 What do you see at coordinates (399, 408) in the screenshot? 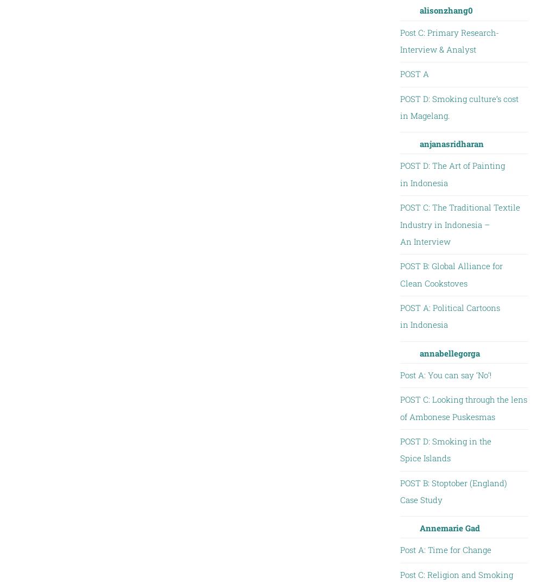
I see `'POST C: Looking through the lens of Ambonese Puskesmas'` at bounding box center [399, 408].